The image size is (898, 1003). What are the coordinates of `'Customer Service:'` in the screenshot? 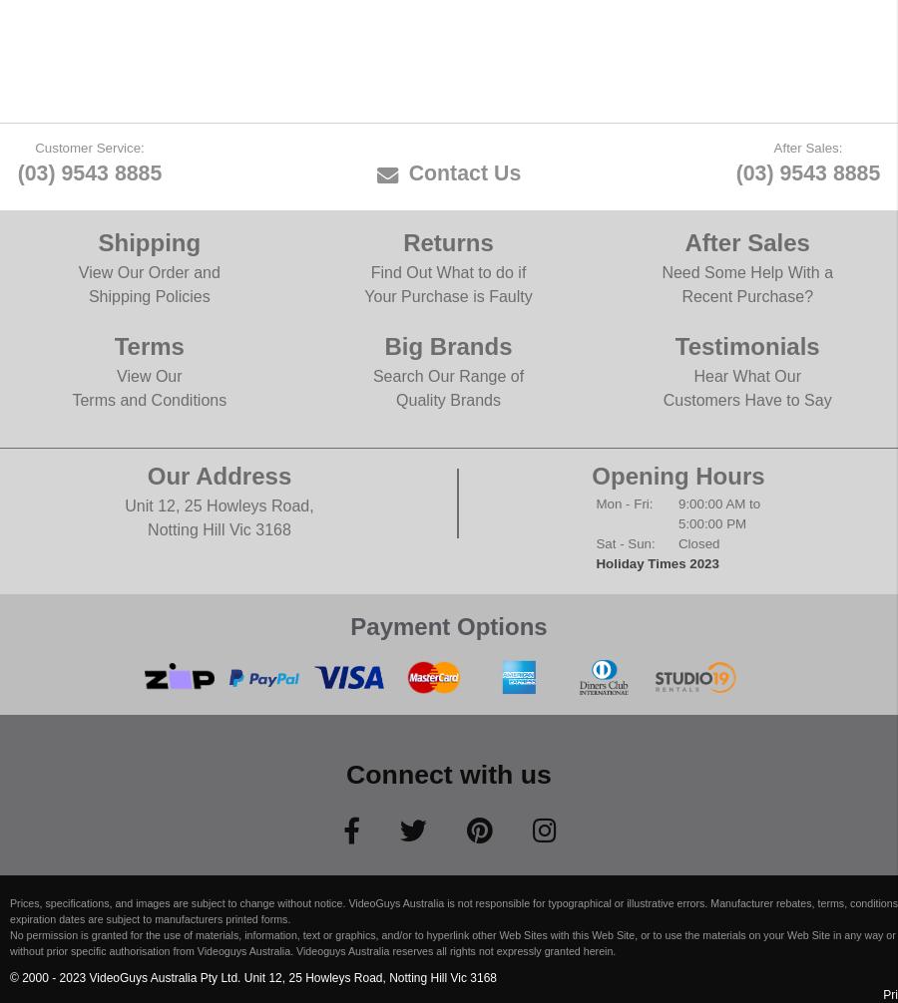 It's located at (34, 147).